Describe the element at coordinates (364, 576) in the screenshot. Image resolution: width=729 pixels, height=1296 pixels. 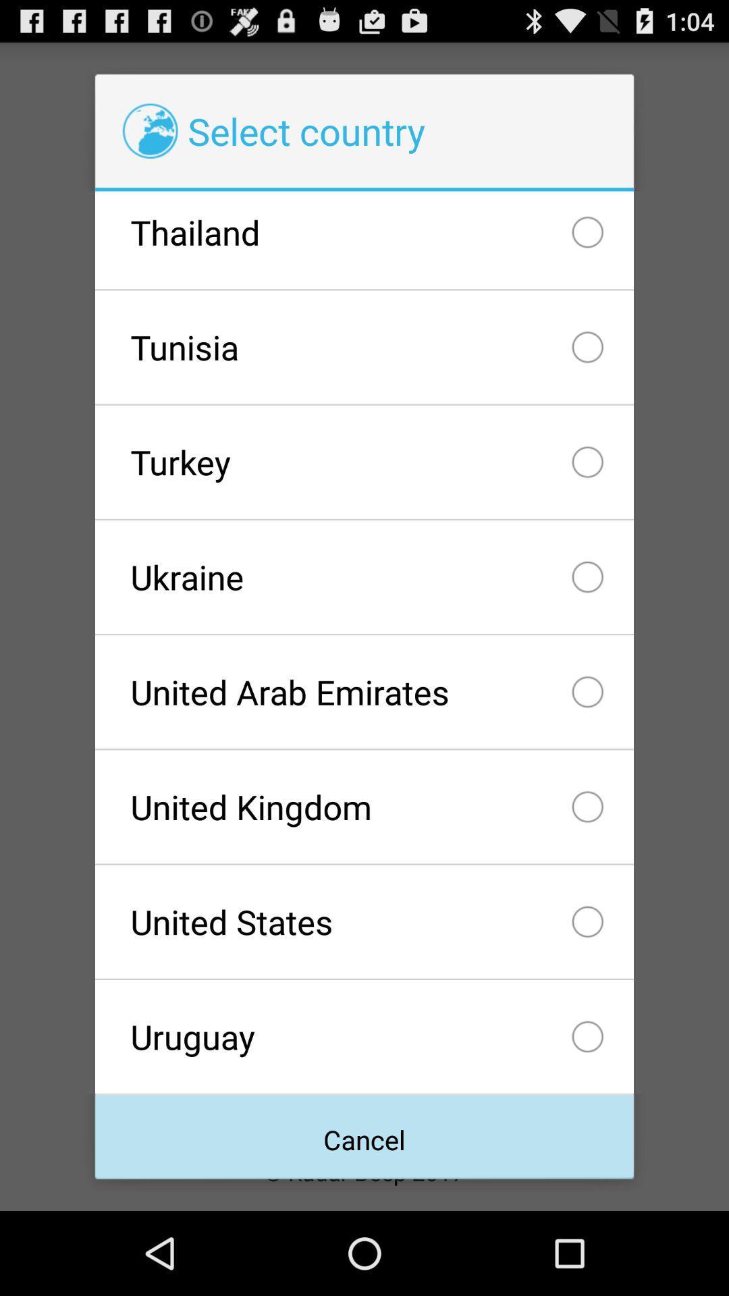
I see `the icon above the united arab emirates checkbox` at that location.